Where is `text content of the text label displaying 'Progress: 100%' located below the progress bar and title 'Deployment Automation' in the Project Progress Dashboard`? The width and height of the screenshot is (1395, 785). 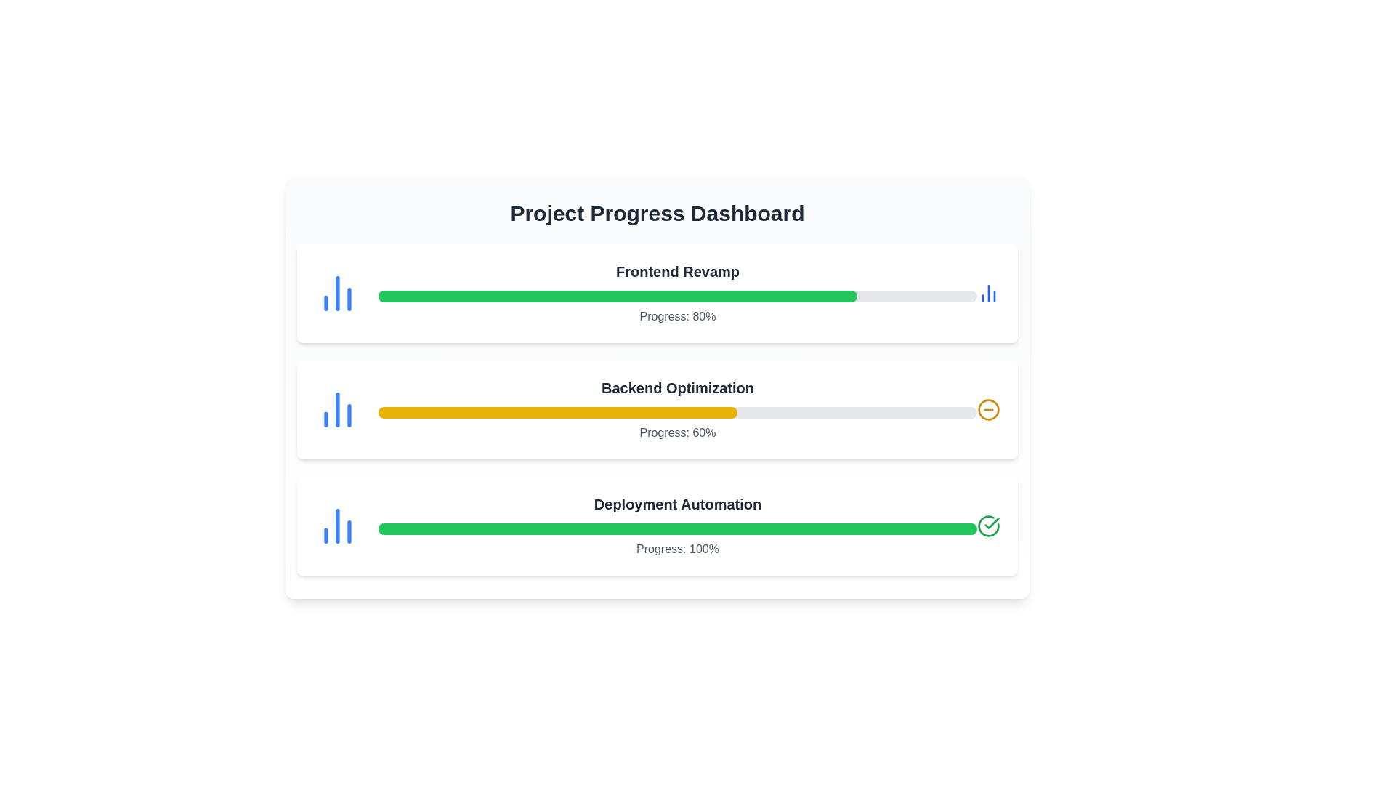
text content of the text label displaying 'Progress: 100%' located below the progress bar and title 'Deployment Automation' in the Project Progress Dashboard is located at coordinates (676, 549).